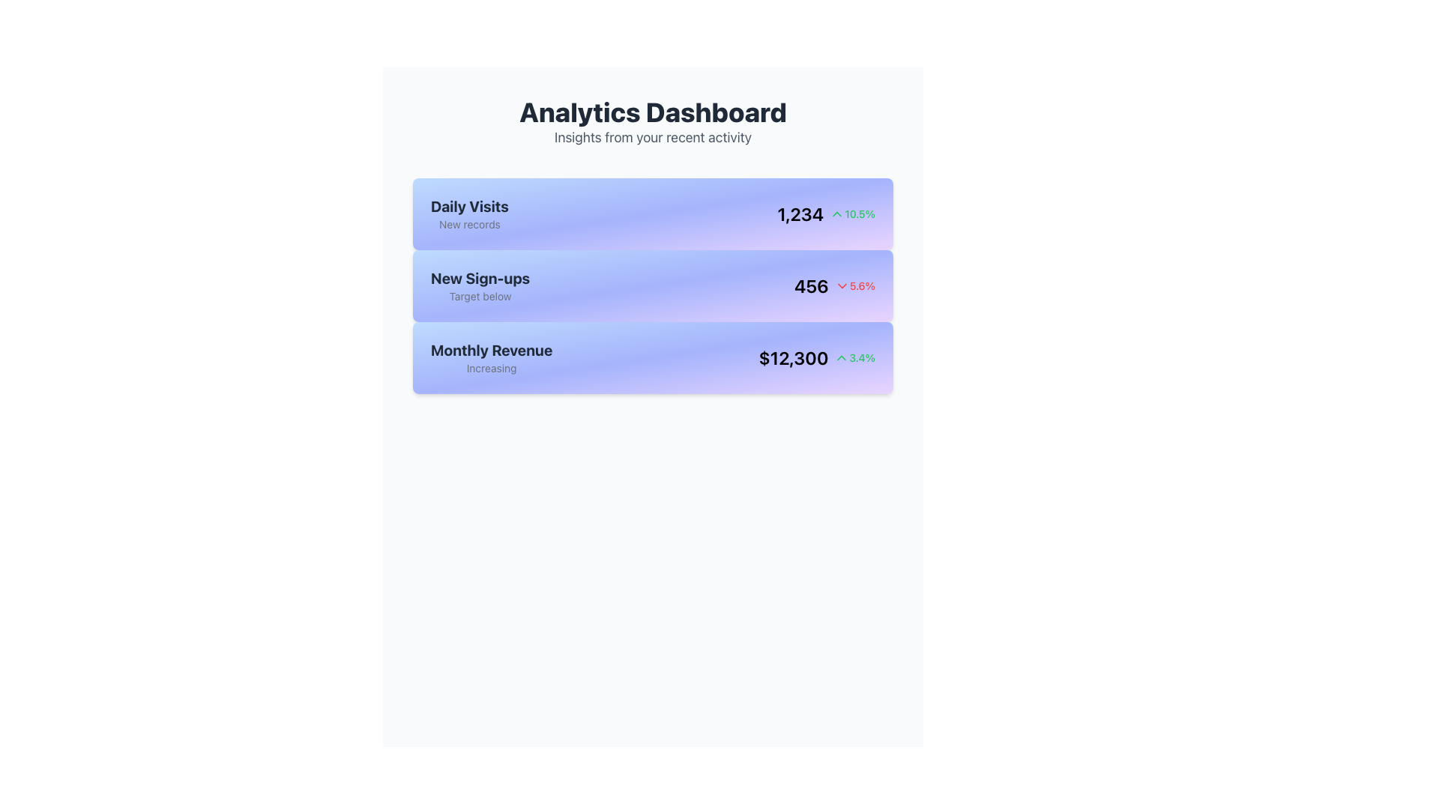 This screenshot has height=809, width=1439. What do you see at coordinates (854, 358) in the screenshot?
I see `the text '3.4%' with the upwards pointing chevron icon, located in the 'Monthly Revenue' card` at bounding box center [854, 358].